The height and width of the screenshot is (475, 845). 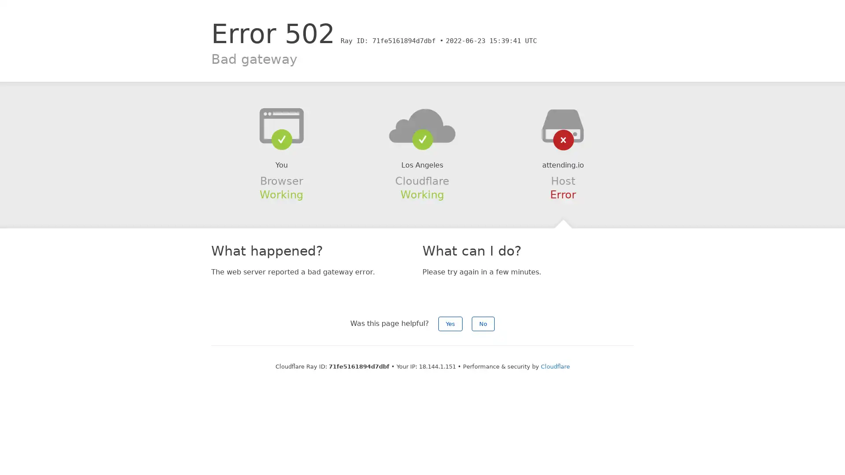 I want to click on Yes, so click(x=450, y=324).